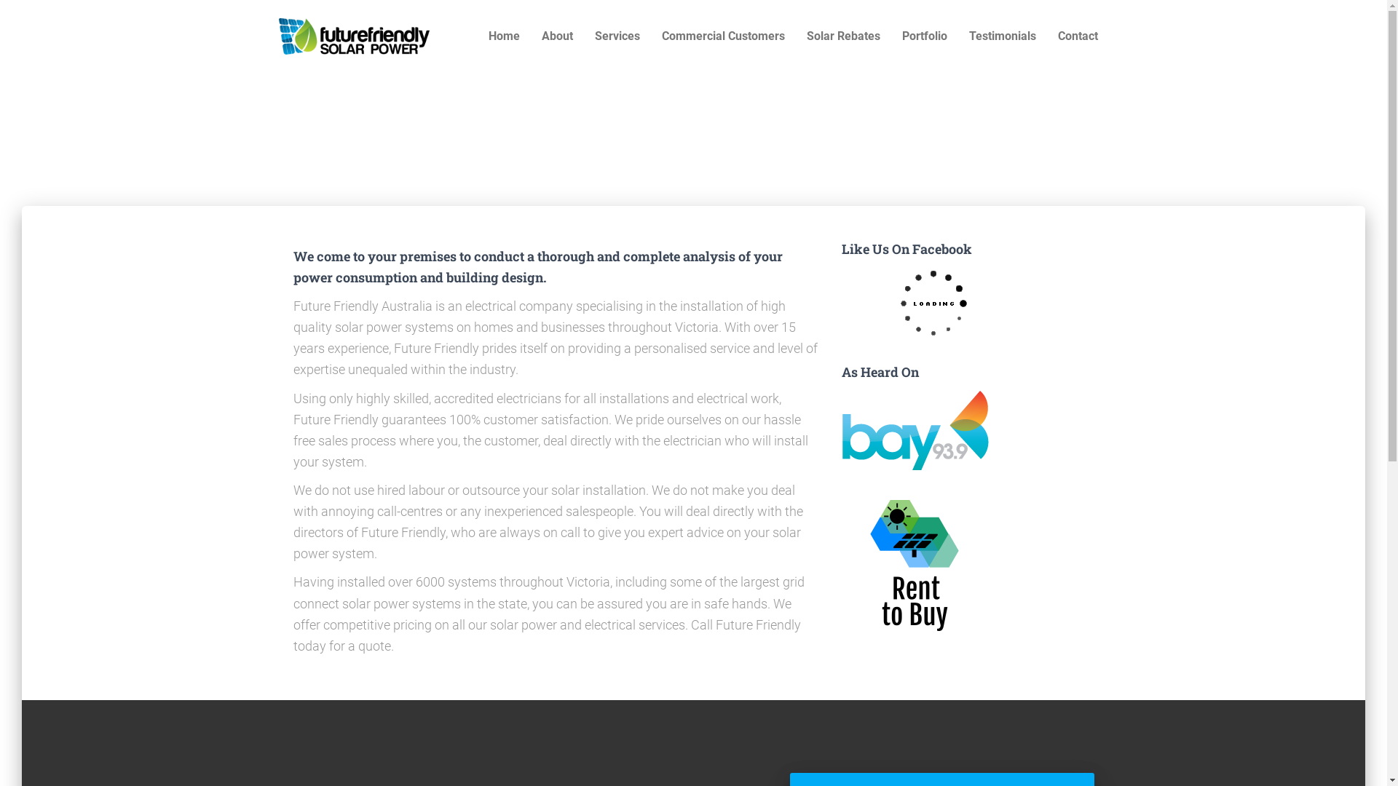  I want to click on 'Future Friendly', so click(268, 36).